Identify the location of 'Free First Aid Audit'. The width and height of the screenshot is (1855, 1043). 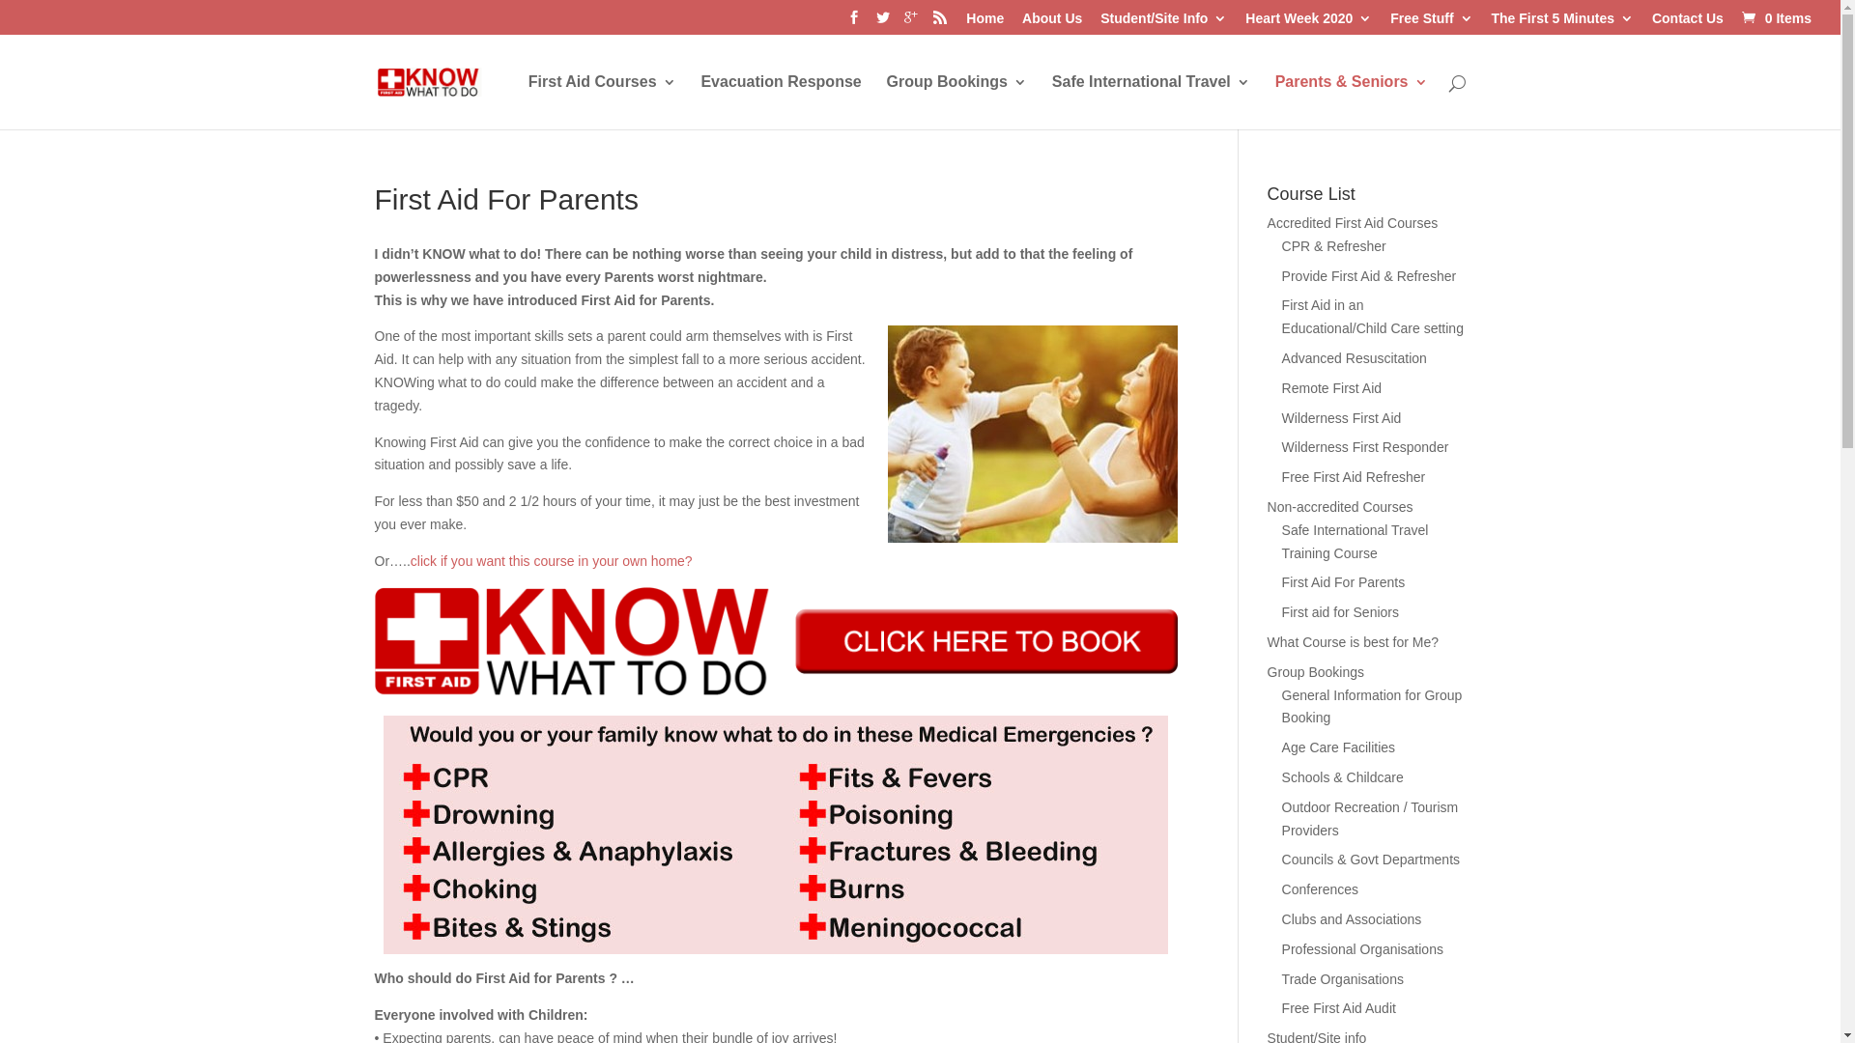
(1338, 1007).